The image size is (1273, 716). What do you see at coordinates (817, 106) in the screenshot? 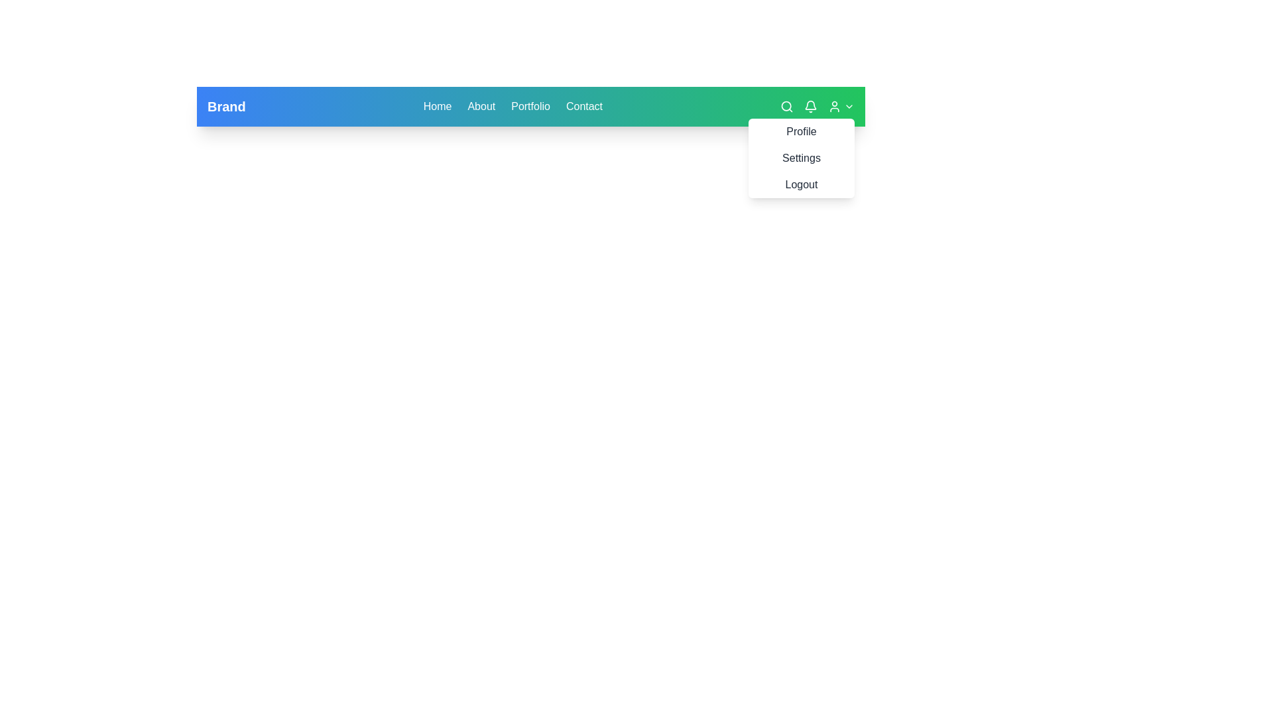
I see `the bell icon for notifications, which is the second element from the left in the notification area, styled with a white outline on a green background` at bounding box center [817, 106].